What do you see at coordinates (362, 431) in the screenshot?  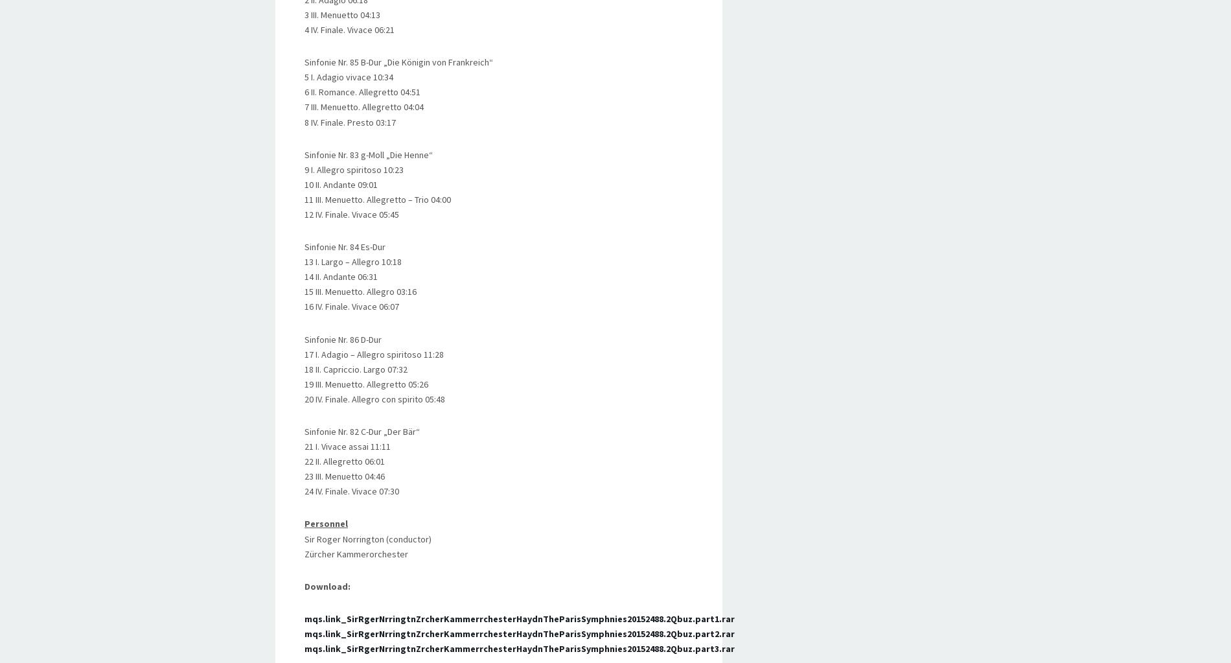 I see `'Sinfonie Nr. 82 C-Dur „Der Bär“'` at bounding box center [362, 431].